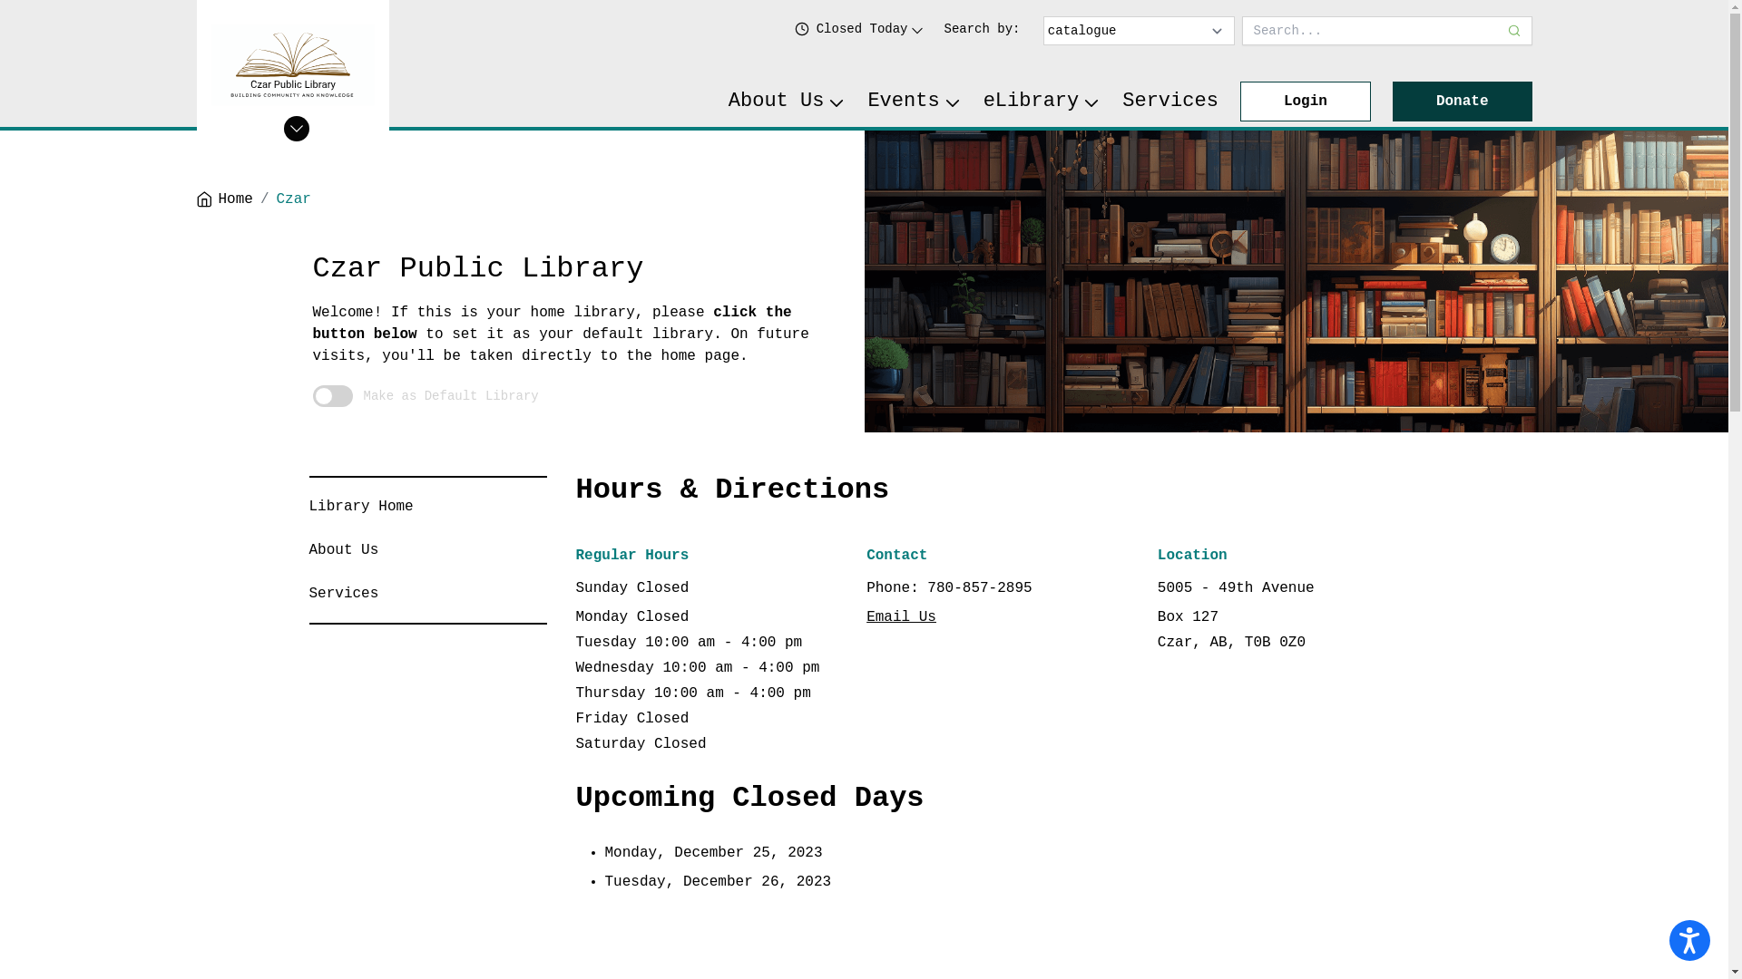  I want to click on 'eLibrary', so click(1042, 101).